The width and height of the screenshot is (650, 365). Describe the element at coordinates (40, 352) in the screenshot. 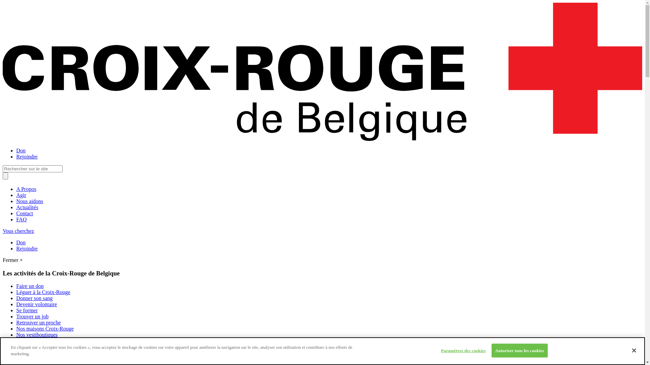

I see `'Notre aide alimentaire'` at that location.